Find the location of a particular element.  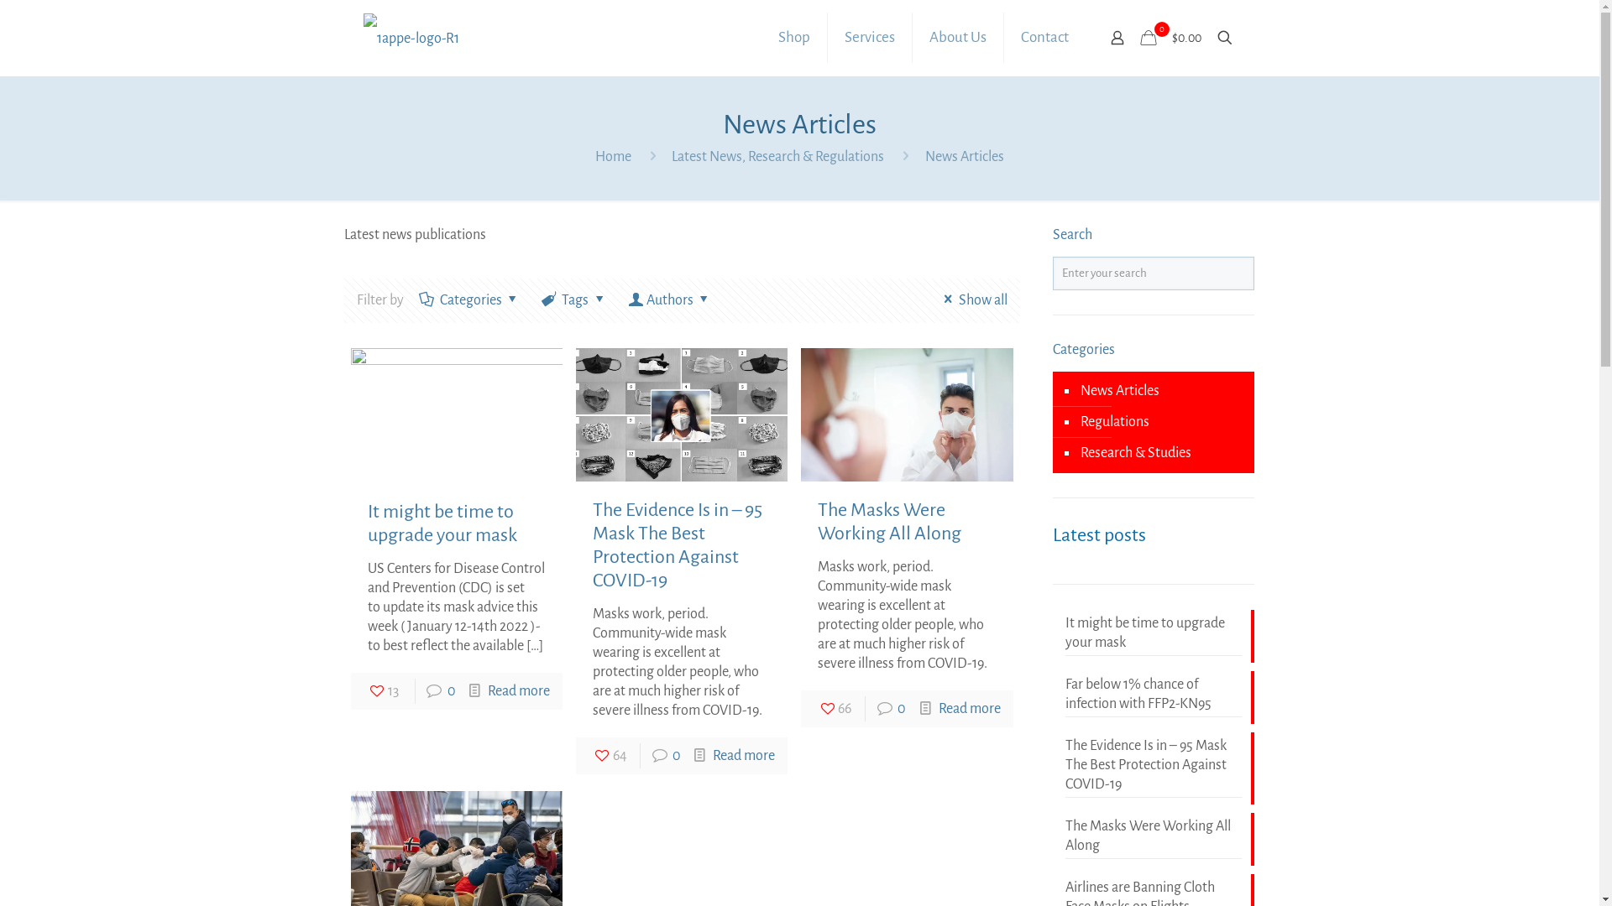

'Far below 1% chance of infection with FFP2-KN95' is located at coordinates (1064, 695).